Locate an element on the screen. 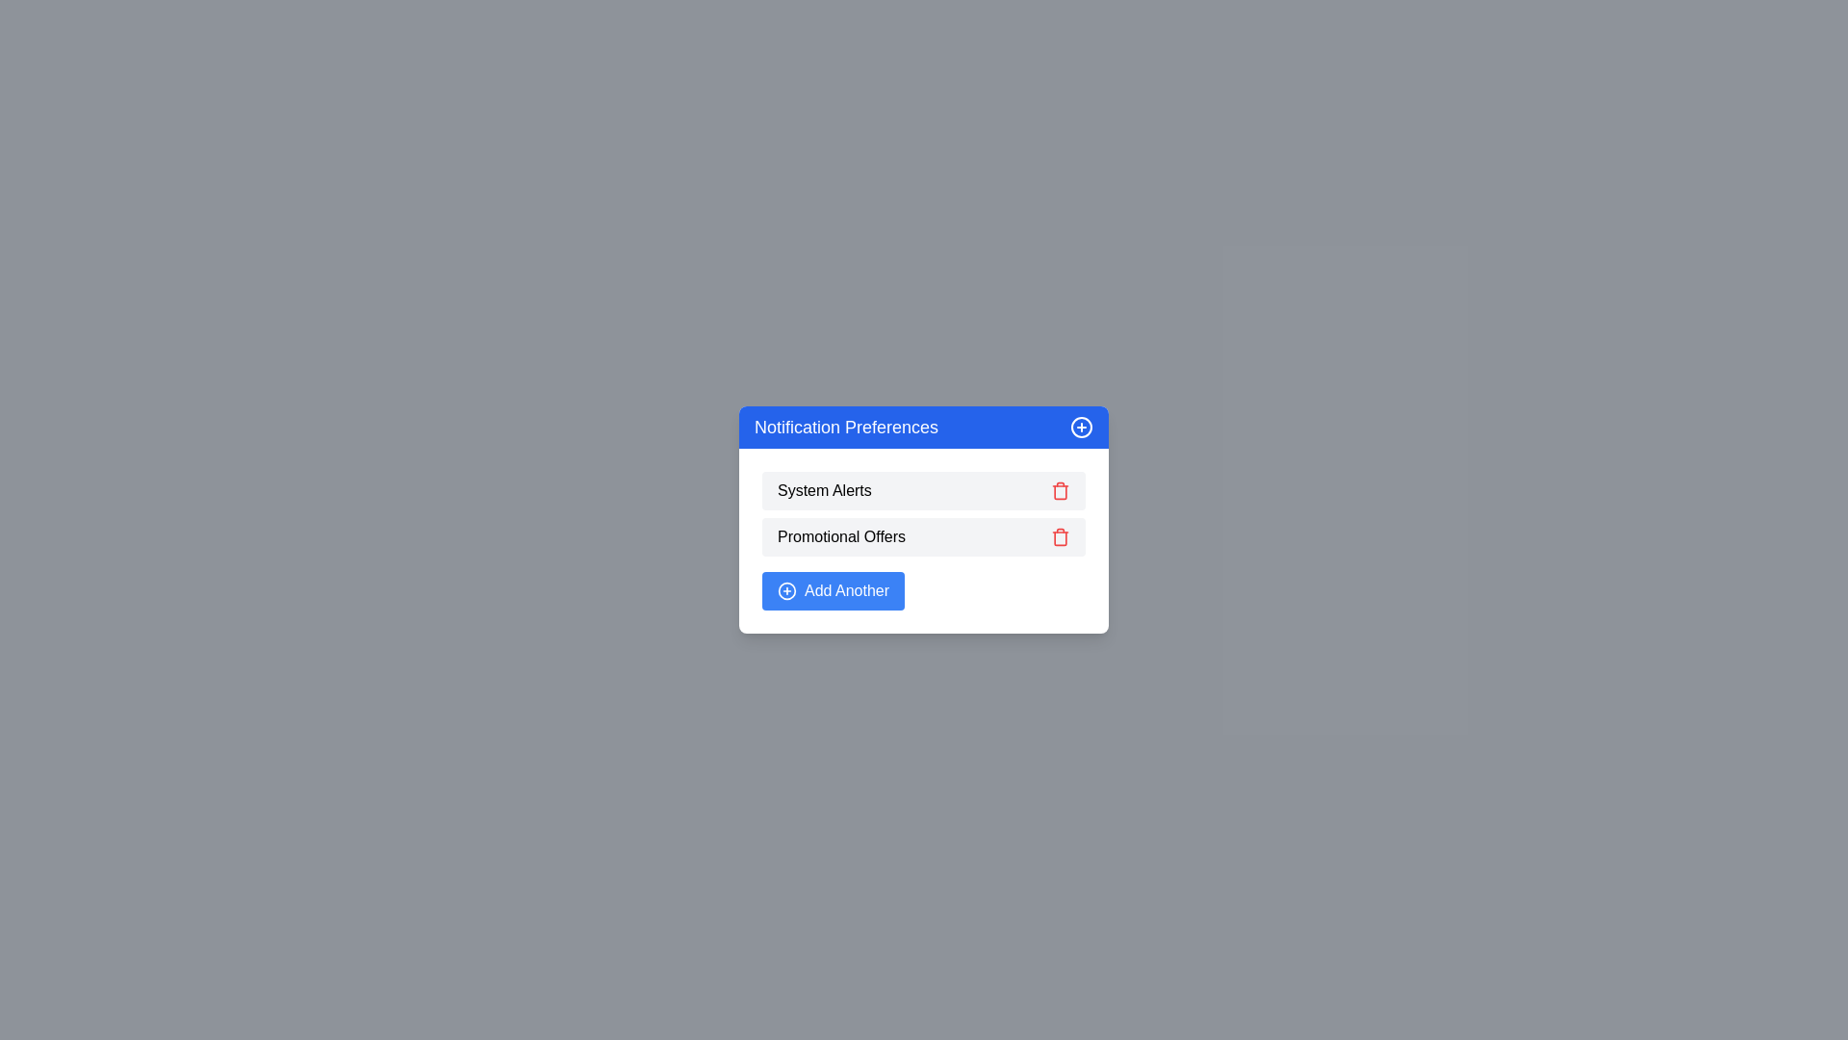  the static text label that serves as the title of the dialog box for notification preferences management, located in the blue header section at the top left of the dialog box is located at coordinates (846, 426).